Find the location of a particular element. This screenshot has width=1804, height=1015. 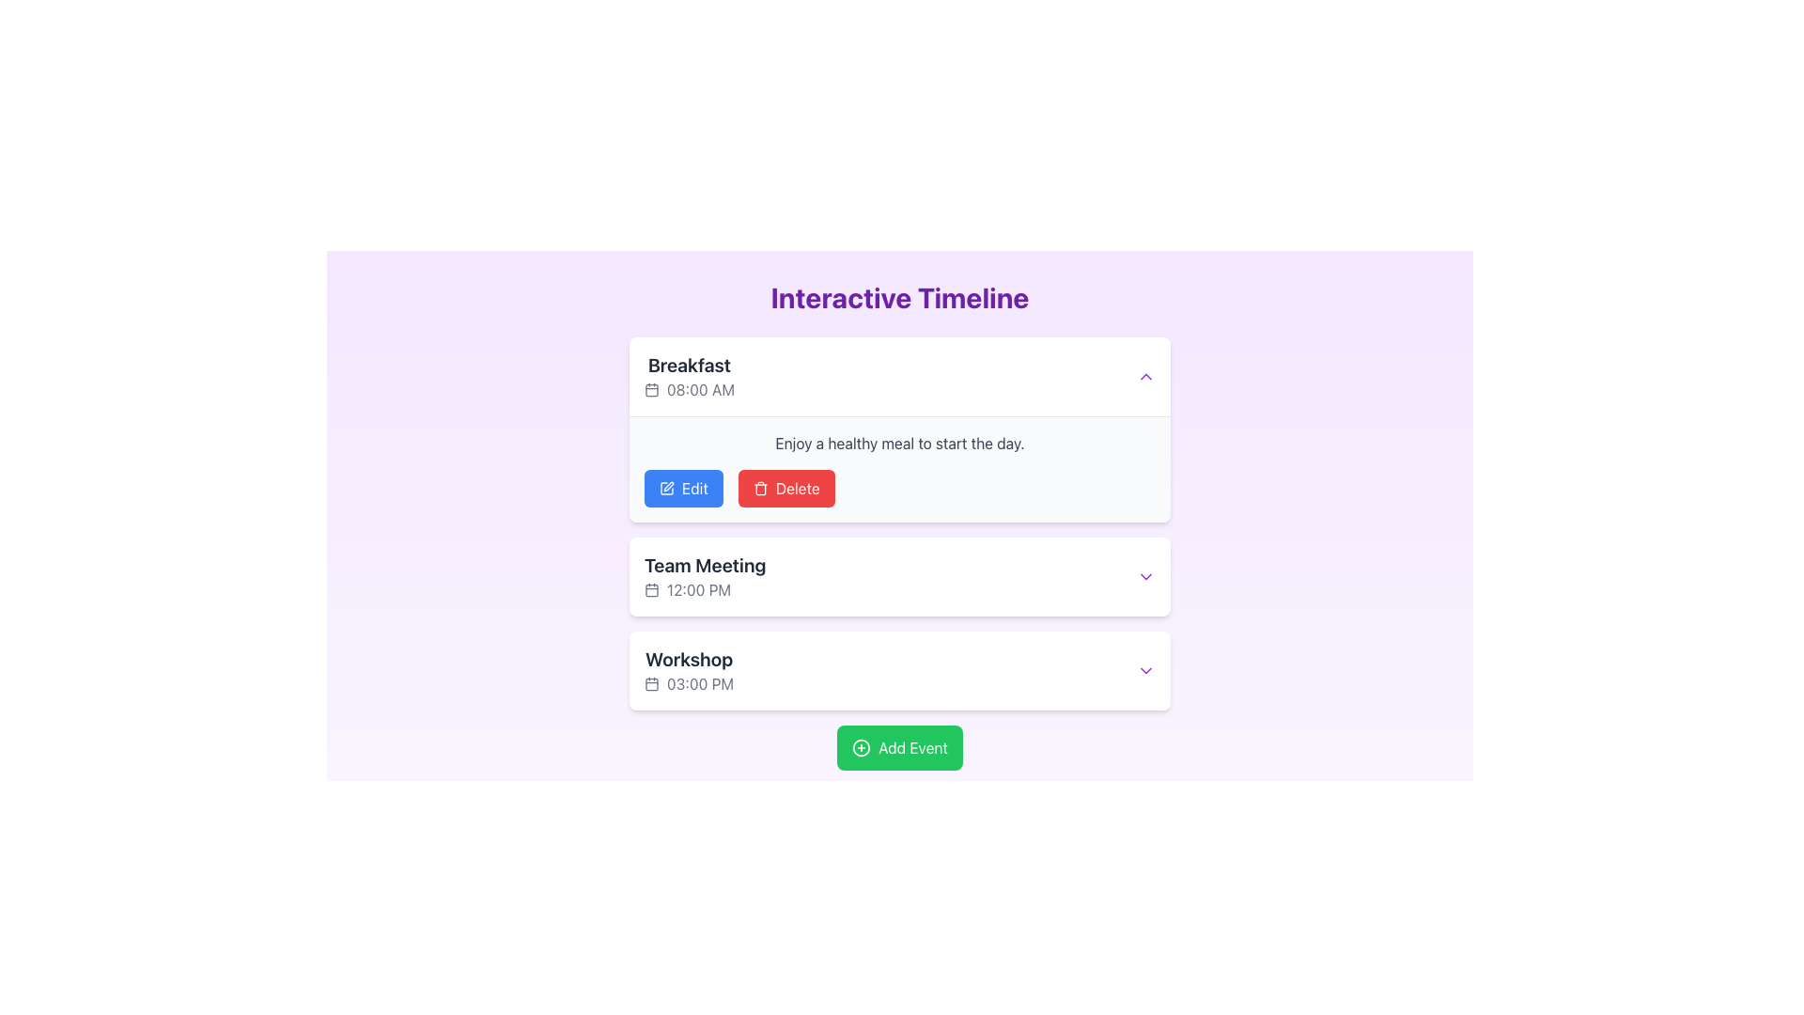

the icon button at the extreme right edge of the 'Workshop' event card is located at coordinates (1144, 669).